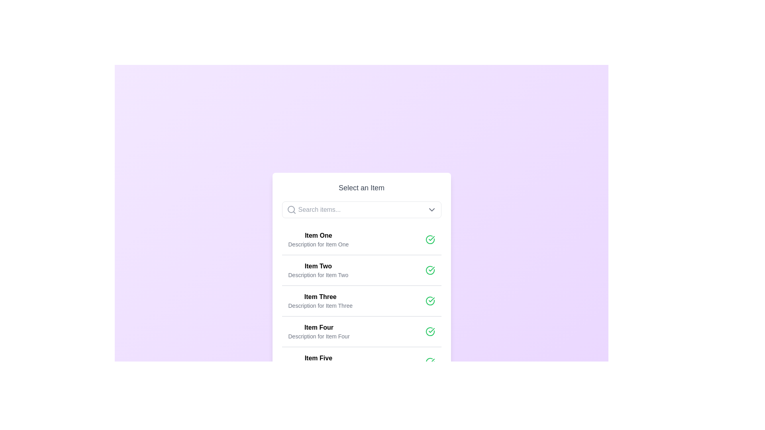  I want to click on the third list item located below the heading 'Select an Item' and the search bar, so click(320, 301).